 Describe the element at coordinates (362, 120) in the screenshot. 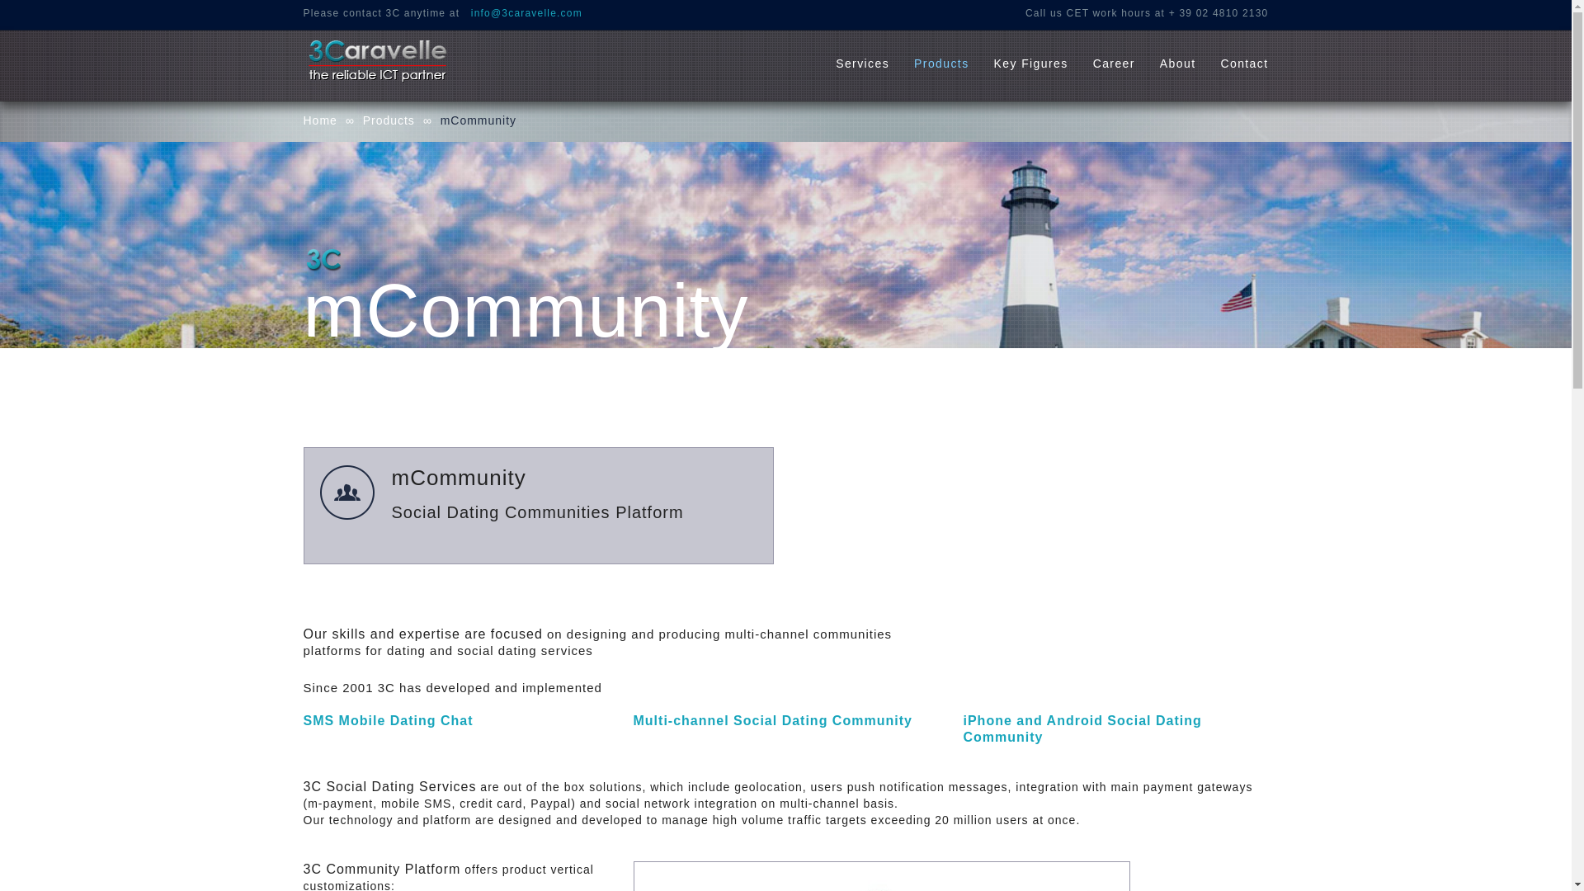

I see `'Products'` at that location.